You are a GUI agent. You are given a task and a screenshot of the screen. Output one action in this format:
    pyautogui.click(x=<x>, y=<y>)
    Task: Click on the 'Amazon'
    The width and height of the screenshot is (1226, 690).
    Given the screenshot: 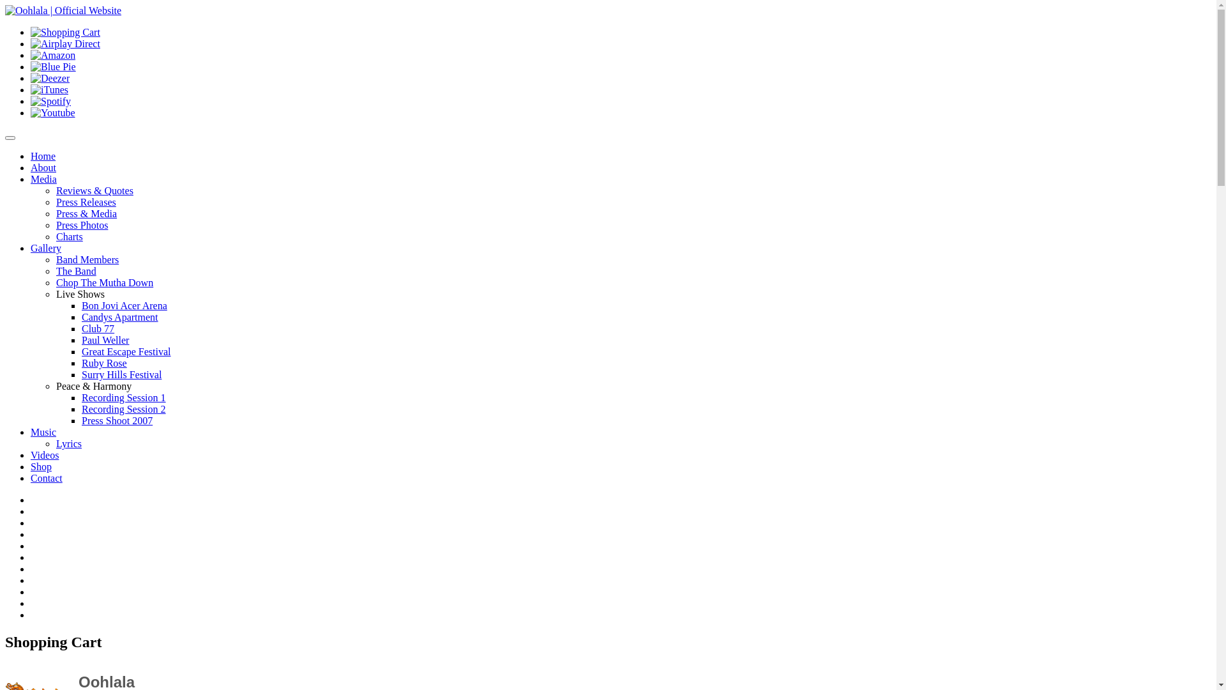 What is the action you would take?
    pyautogui.click(x=52, y=55)
    